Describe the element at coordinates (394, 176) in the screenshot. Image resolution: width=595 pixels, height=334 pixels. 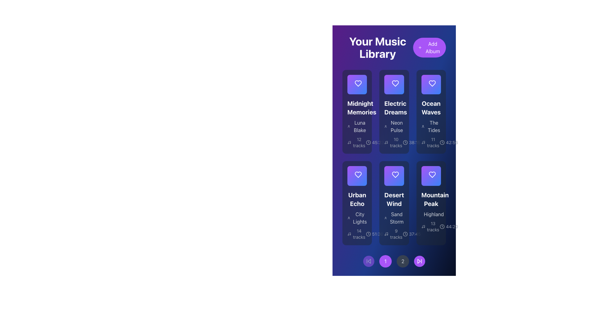
I see `the play button centered within the circular button on the fourth card of the second row labeled 'Desert Wind'` at that location.